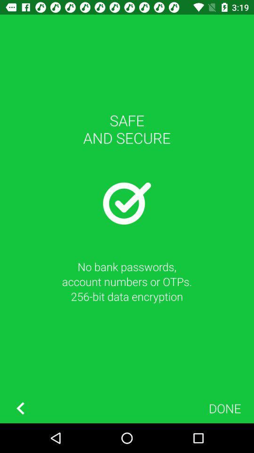 The image size is (254, 453). I want to click on icon below no bank passwords item, so click(20, 408).